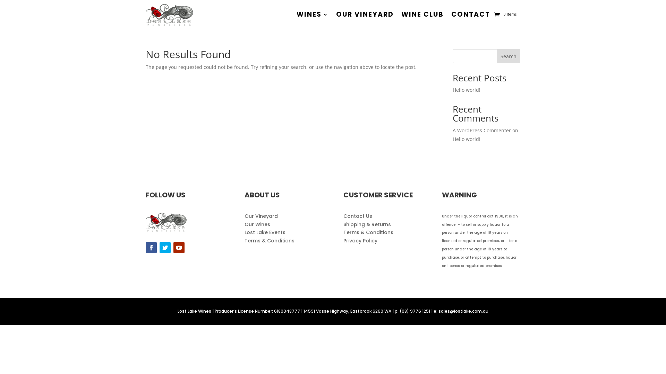  What do you see at coordinates (364, 15) in the screenshot?
I see `'OUR VINEYARD'` at bounding box center [364, 15].